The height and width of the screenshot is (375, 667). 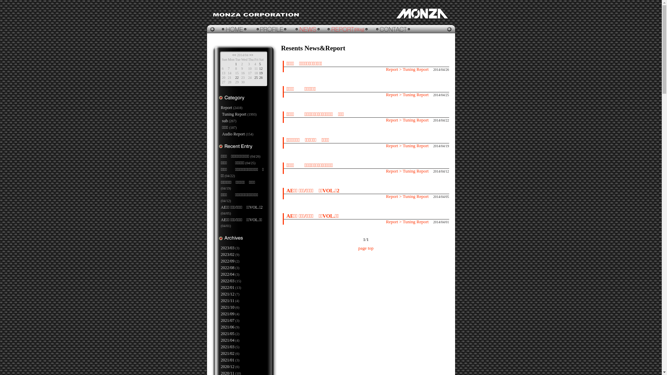 What do you see at coordinates (220, 327) in the screenshot?
I see `'2021/06'` at bounding box center [220, 327].